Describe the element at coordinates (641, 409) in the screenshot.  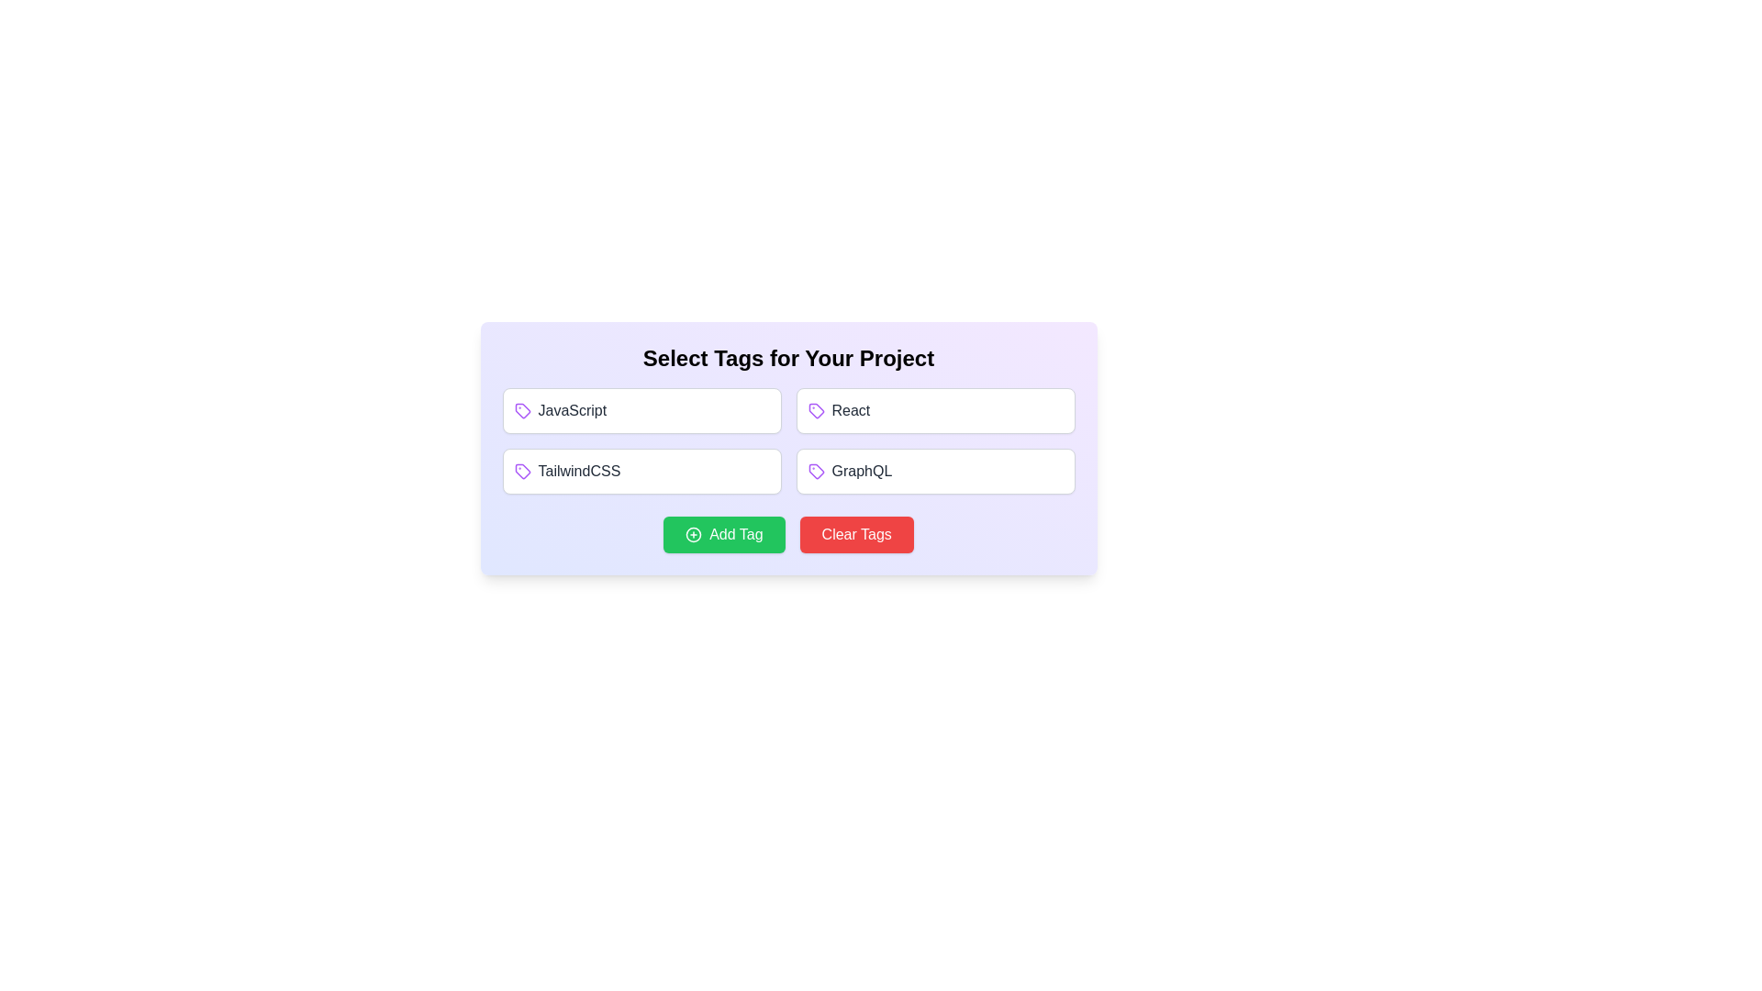
I see `the tag JavaScript to select it` at that location.